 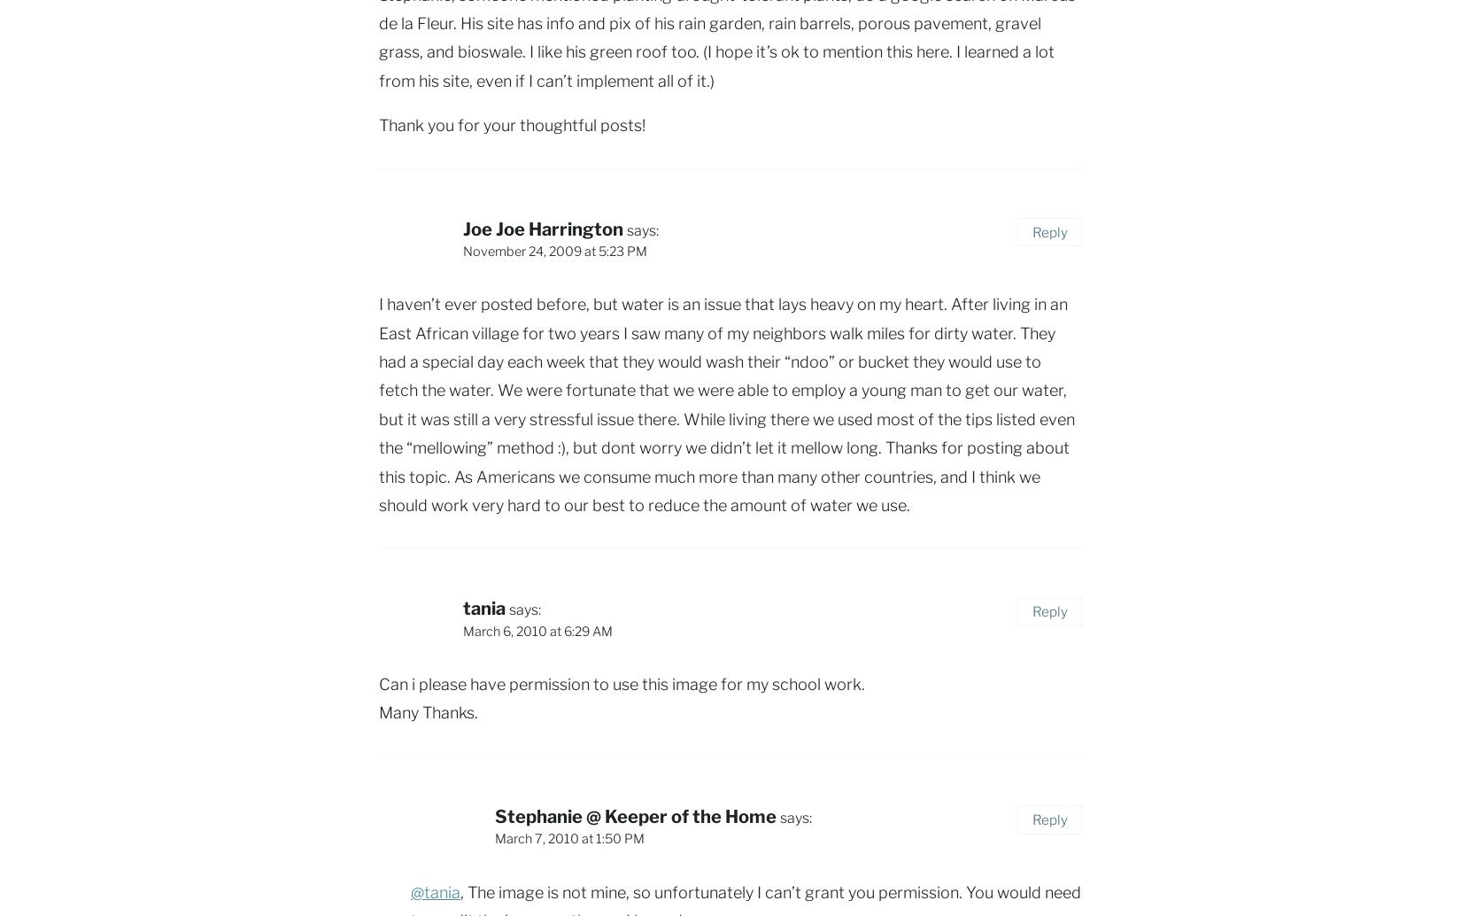 I want to click on 'March 7, 2010 at 1:50 PM', so click(x=568, y=838).